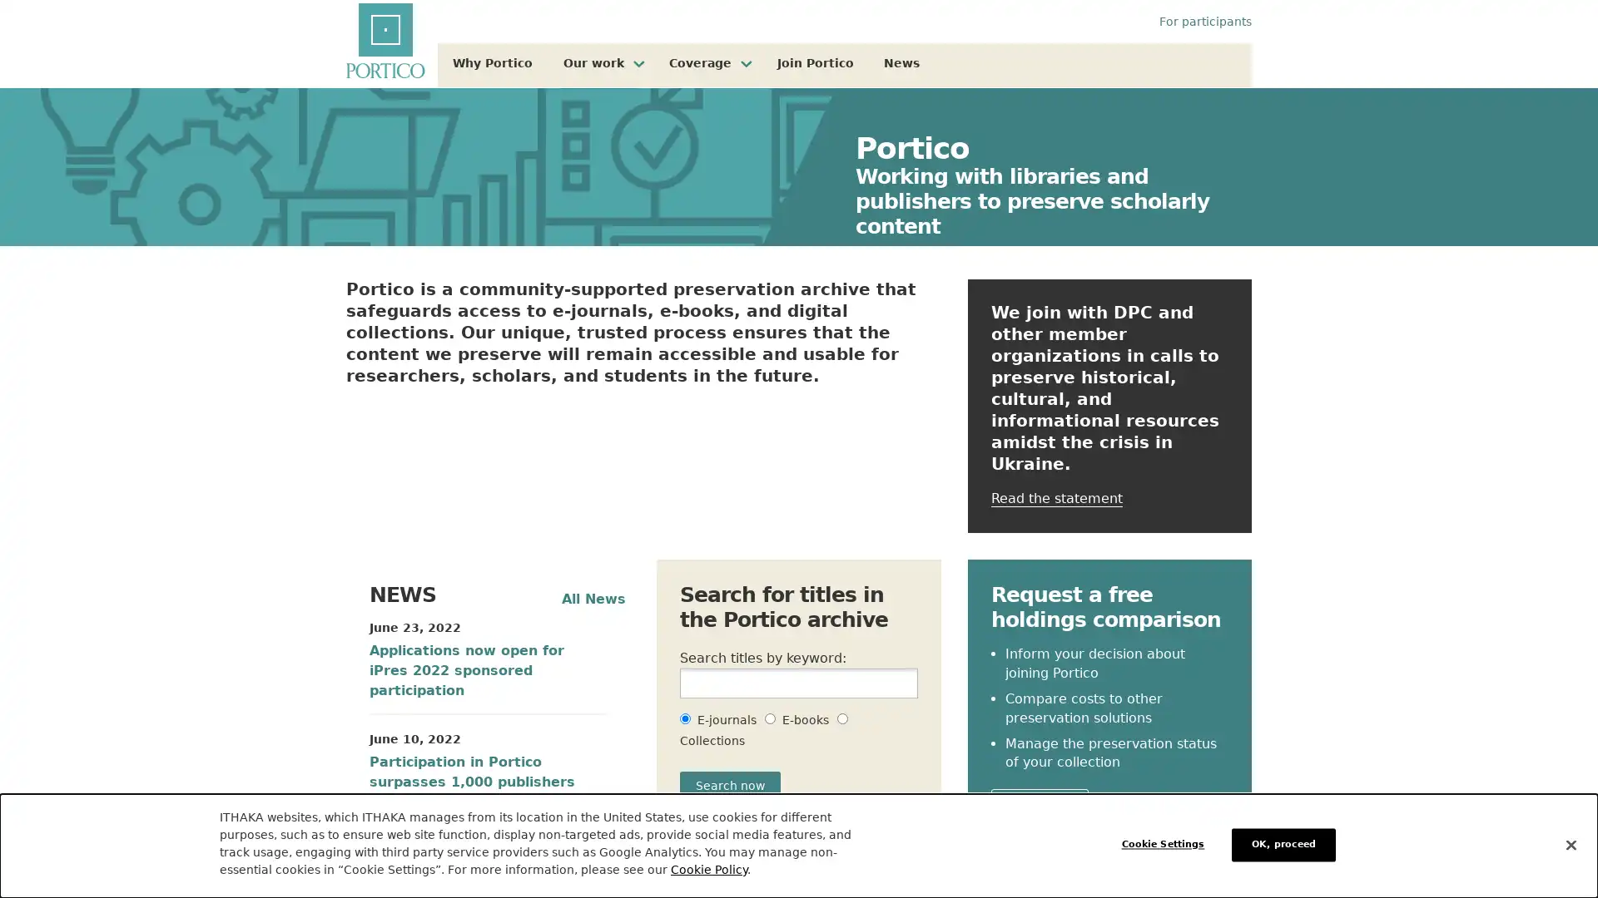  I want to click on OK, proceed, so click(1283, 844).